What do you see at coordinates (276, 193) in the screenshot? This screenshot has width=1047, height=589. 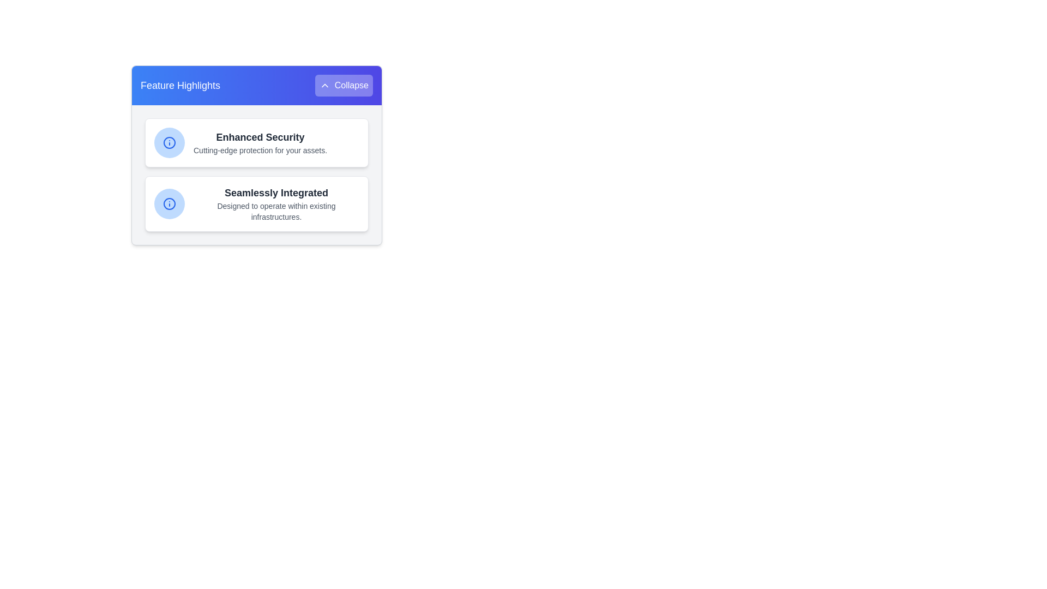 I see `the bold text label displaying 'Seamlessly Integrated' located below the 'Enhanced Security' module in the 'Feature Highlights' section` at bounding box center [276, 193].